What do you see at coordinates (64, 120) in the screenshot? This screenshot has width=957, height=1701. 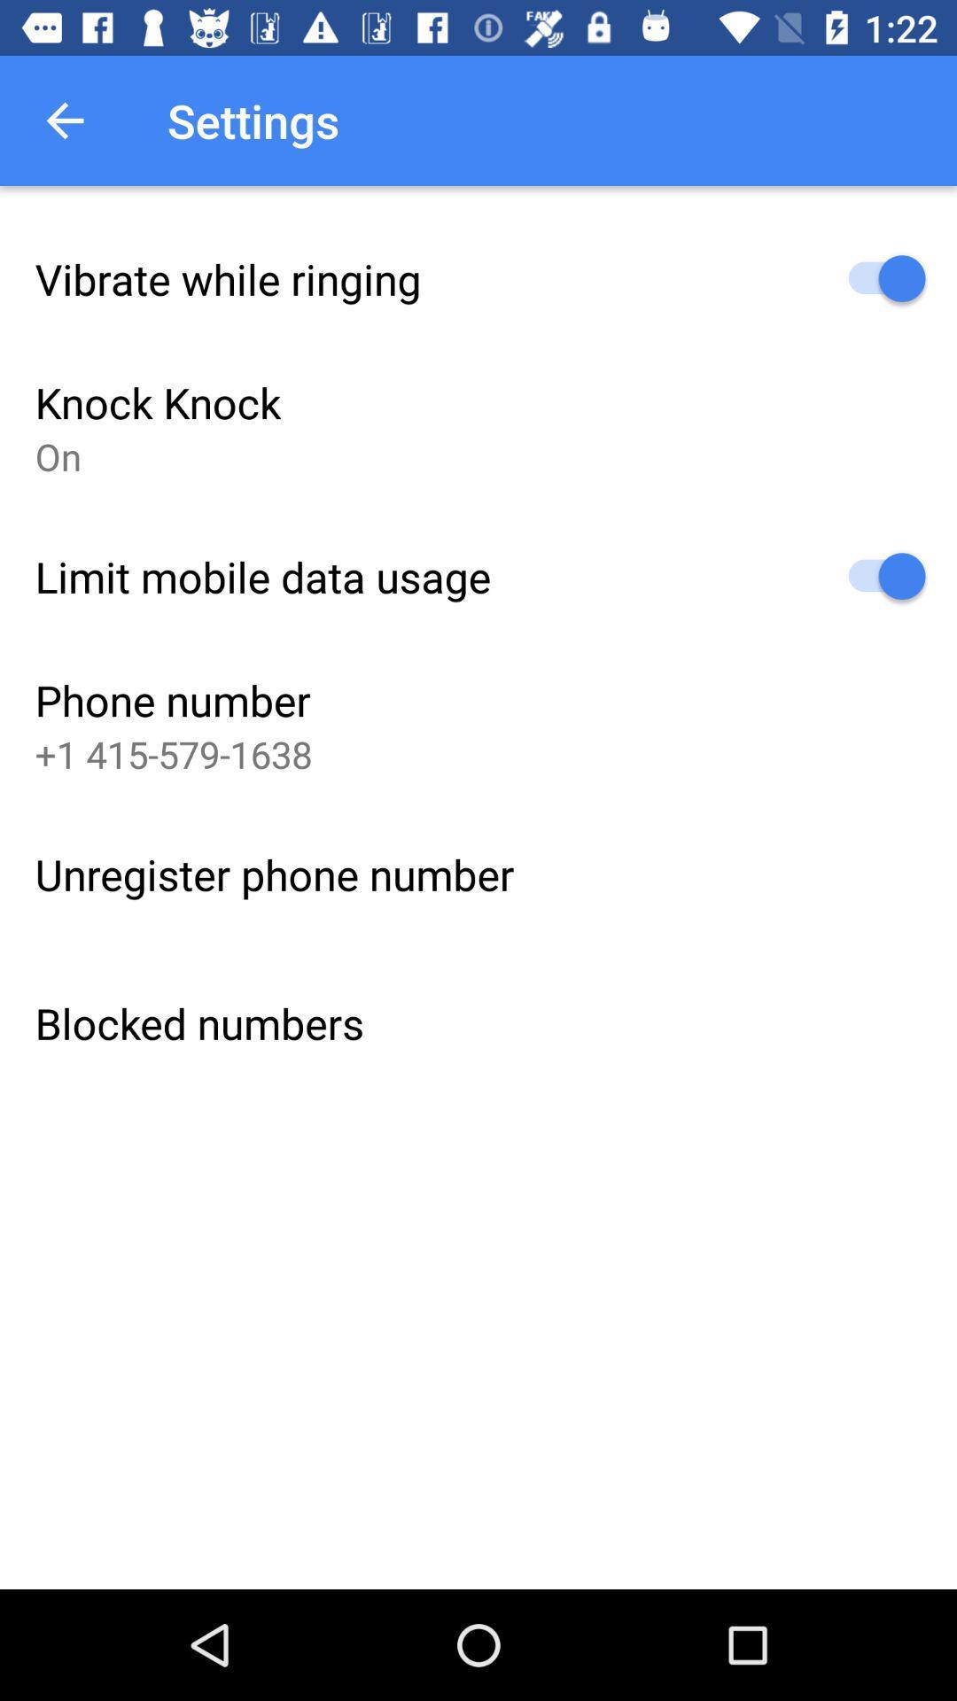 I see `icon above vibrate while ringing item` at bounding box center [64, 120].